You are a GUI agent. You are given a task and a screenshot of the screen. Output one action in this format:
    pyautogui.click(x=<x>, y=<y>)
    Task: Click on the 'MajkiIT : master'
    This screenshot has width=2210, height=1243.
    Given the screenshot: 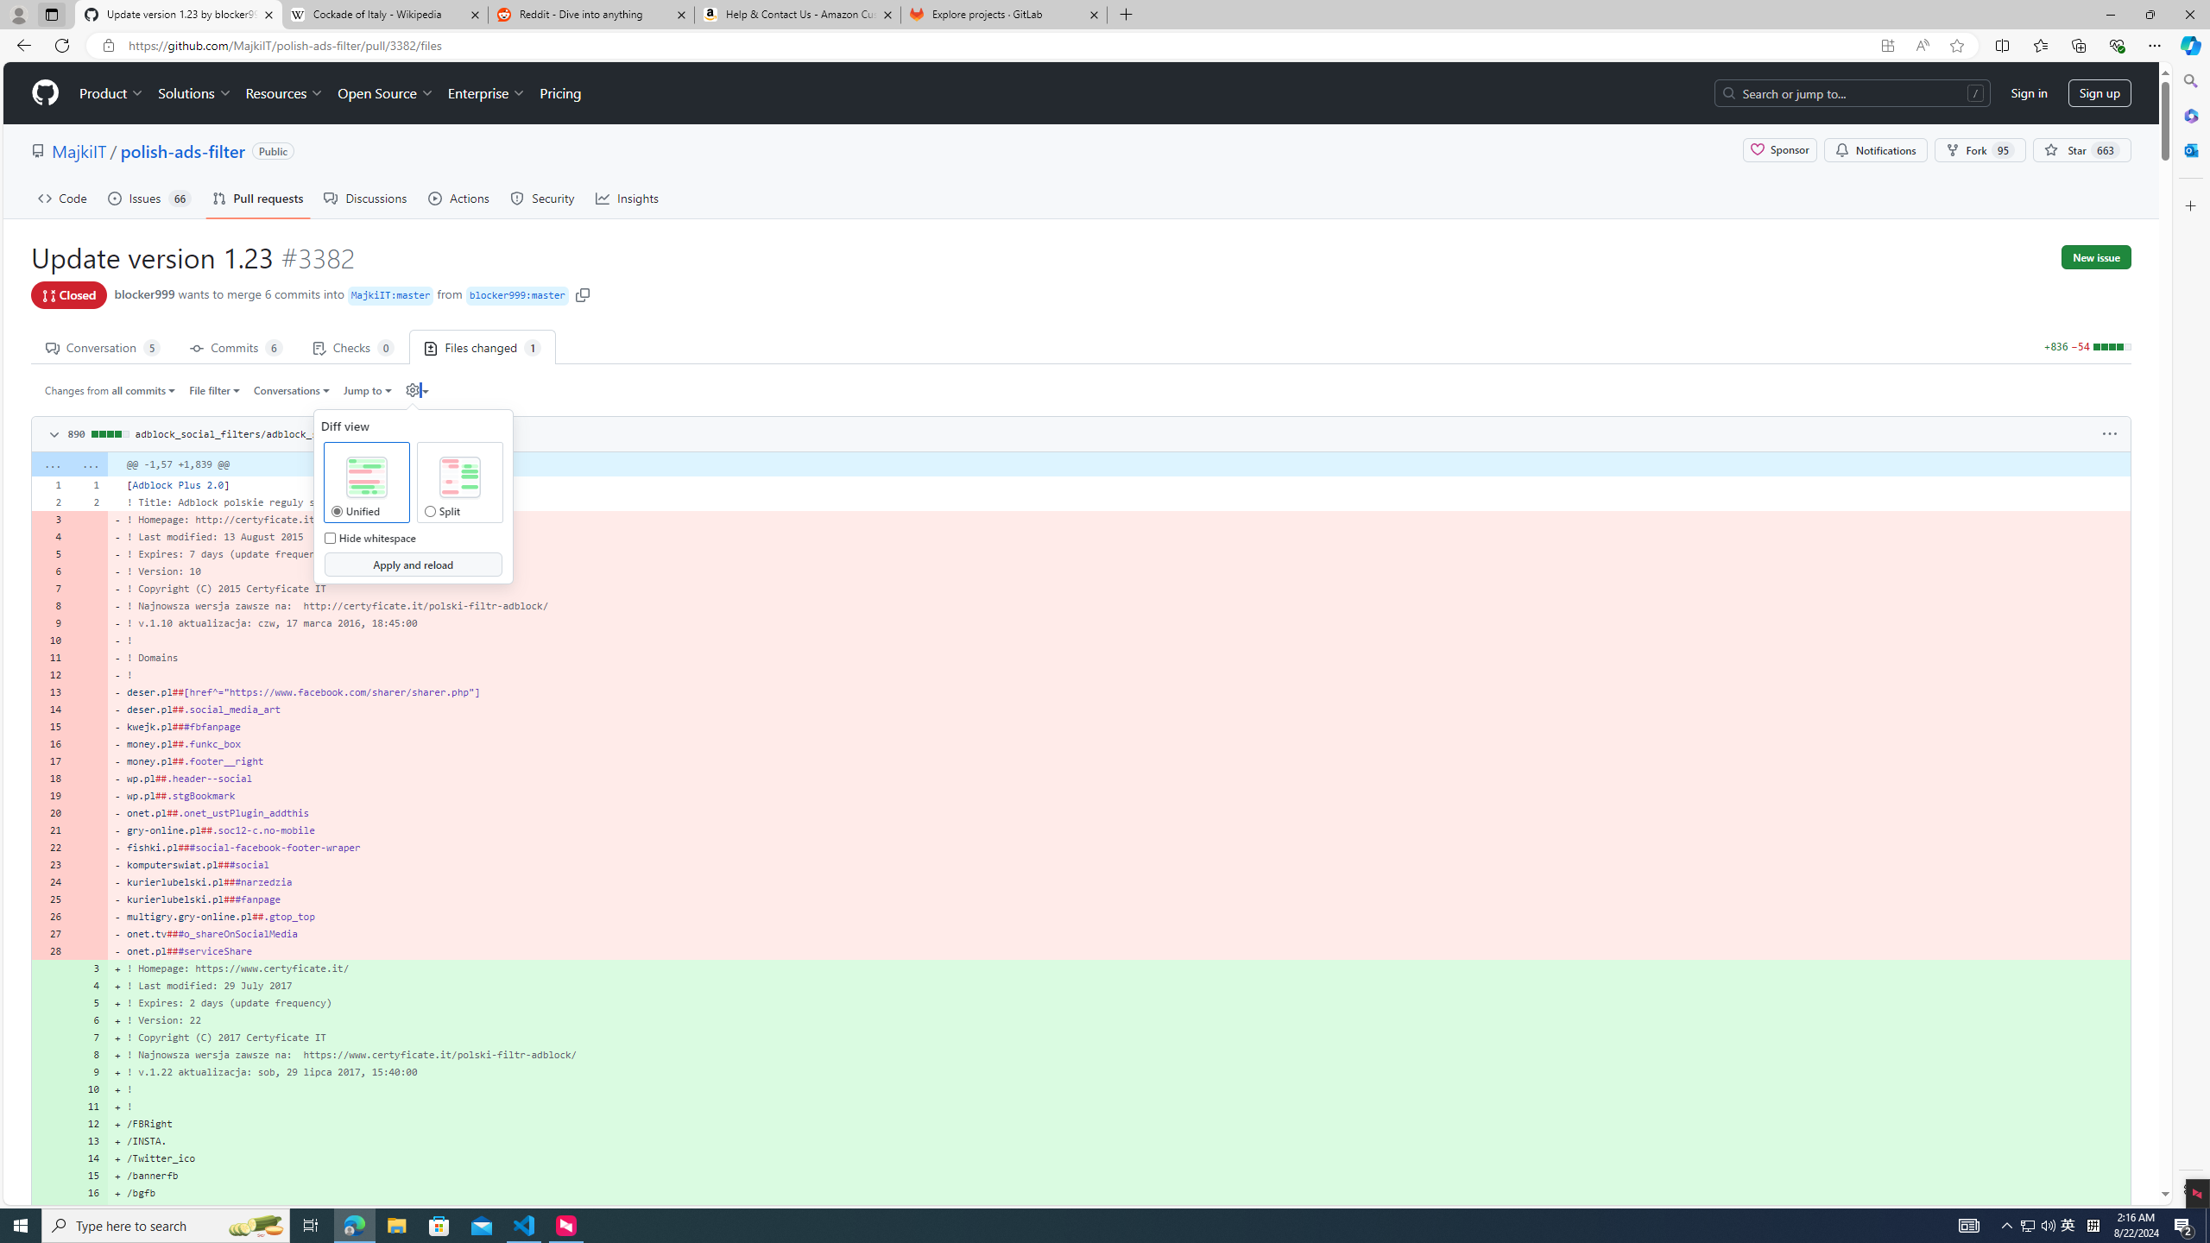 What is the action you would take?
    pyautogui.click(x=390, y=295)
    